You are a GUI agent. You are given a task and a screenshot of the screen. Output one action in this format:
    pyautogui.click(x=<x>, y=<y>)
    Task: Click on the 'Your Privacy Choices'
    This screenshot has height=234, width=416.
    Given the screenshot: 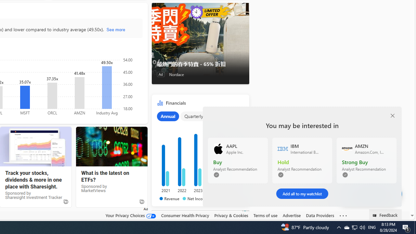 What is the action you would take?
    pyautogui.click(x=130, y=215)
    